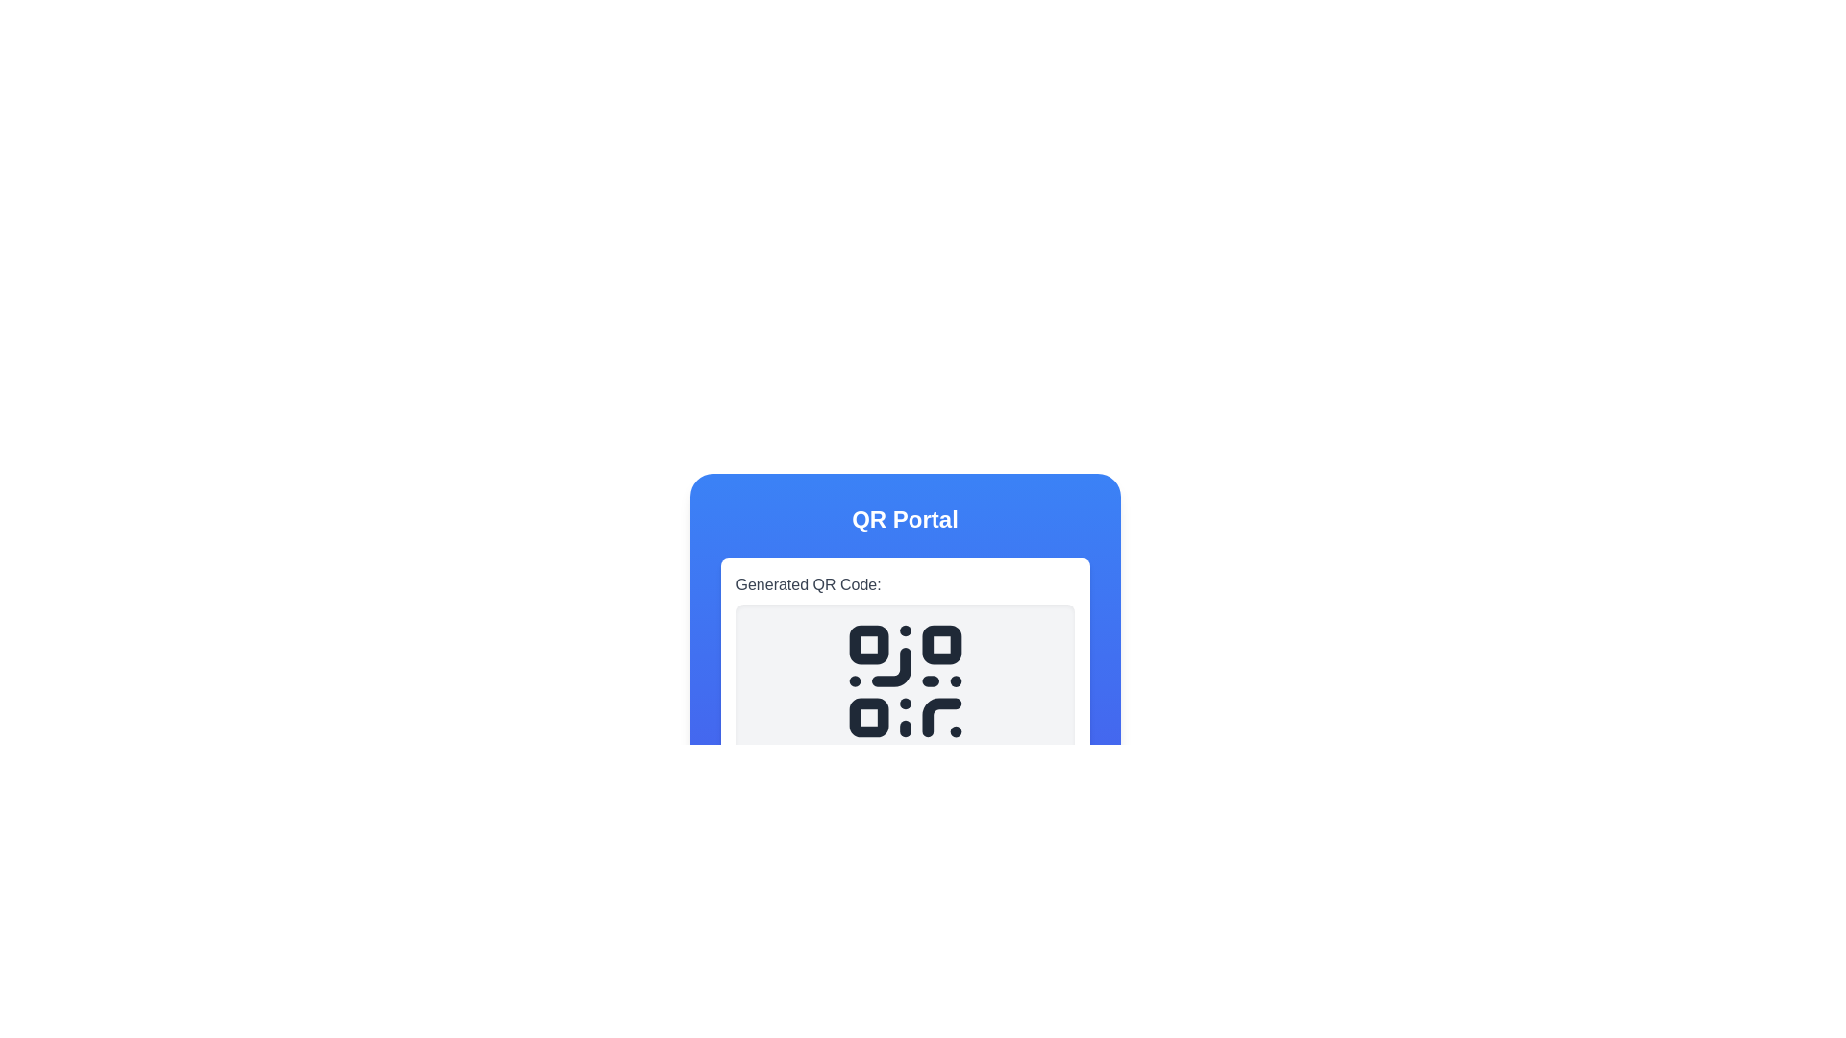 This screenshot has width=1846, height=1038. What do you see at coordinates (867, 645) in the screenshot?
I see `the small square component located at the top left corner of the QR code design, which is styled as a filled square with rounded corners and is part of the QR code's grid-like structure` at bounding box center [867, 645].